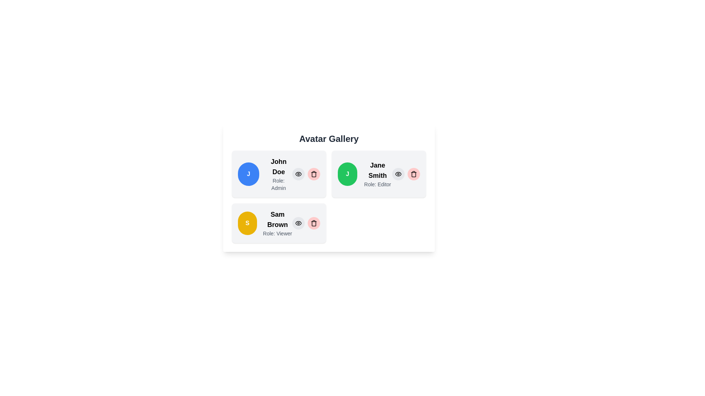  What do you see at coordinates (379, 174) in the screenshot?
I see `the informational tile displaying user information for 'Jane Smith' who is an 'Editor'` at bounding box center [379, 174].